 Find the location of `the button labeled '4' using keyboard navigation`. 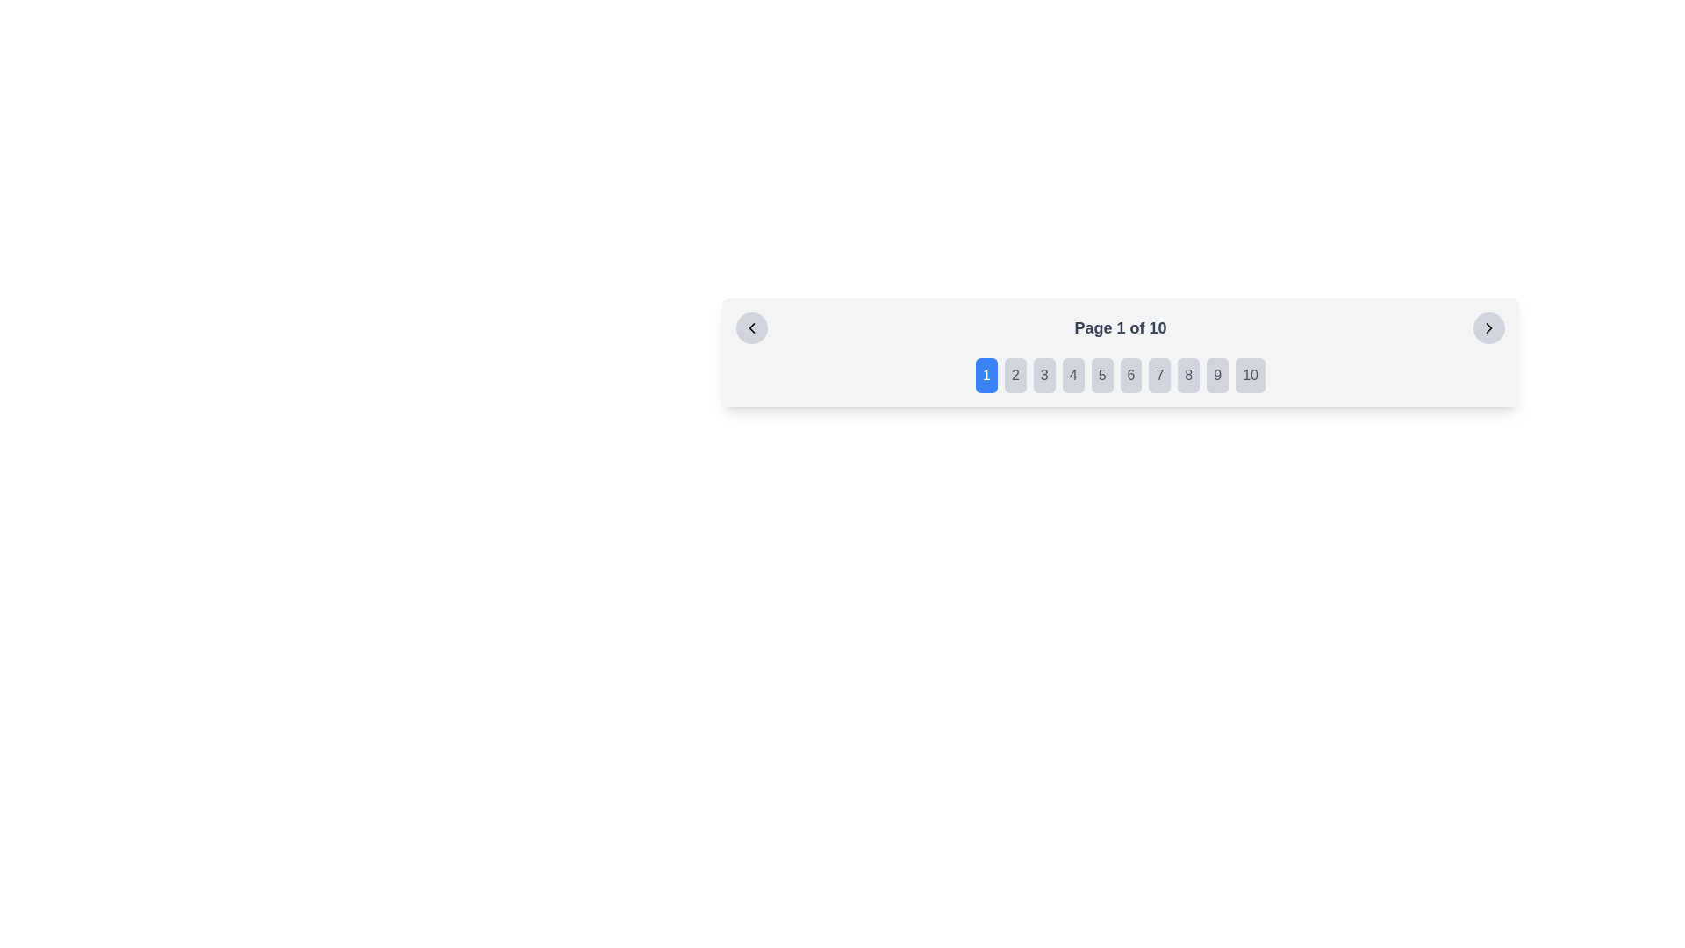

the button labeled '4' using keyboard navigation is located at coordinates (1072, 375).